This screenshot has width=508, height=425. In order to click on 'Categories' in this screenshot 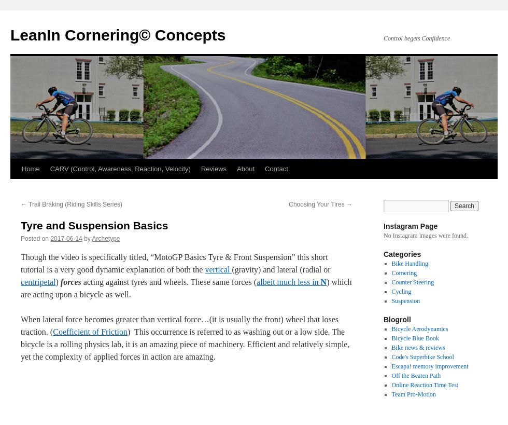, I will do `click(402, 254)`.